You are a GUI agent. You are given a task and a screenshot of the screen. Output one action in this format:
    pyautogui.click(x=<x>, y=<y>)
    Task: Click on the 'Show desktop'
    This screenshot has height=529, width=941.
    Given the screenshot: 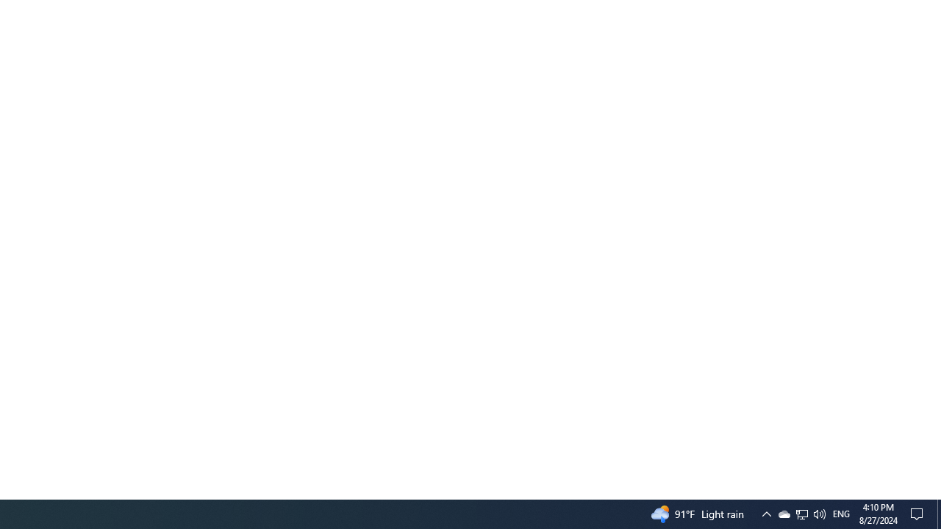 What is the action you would take?
    pyautogui.click(x=938, y=513)
    